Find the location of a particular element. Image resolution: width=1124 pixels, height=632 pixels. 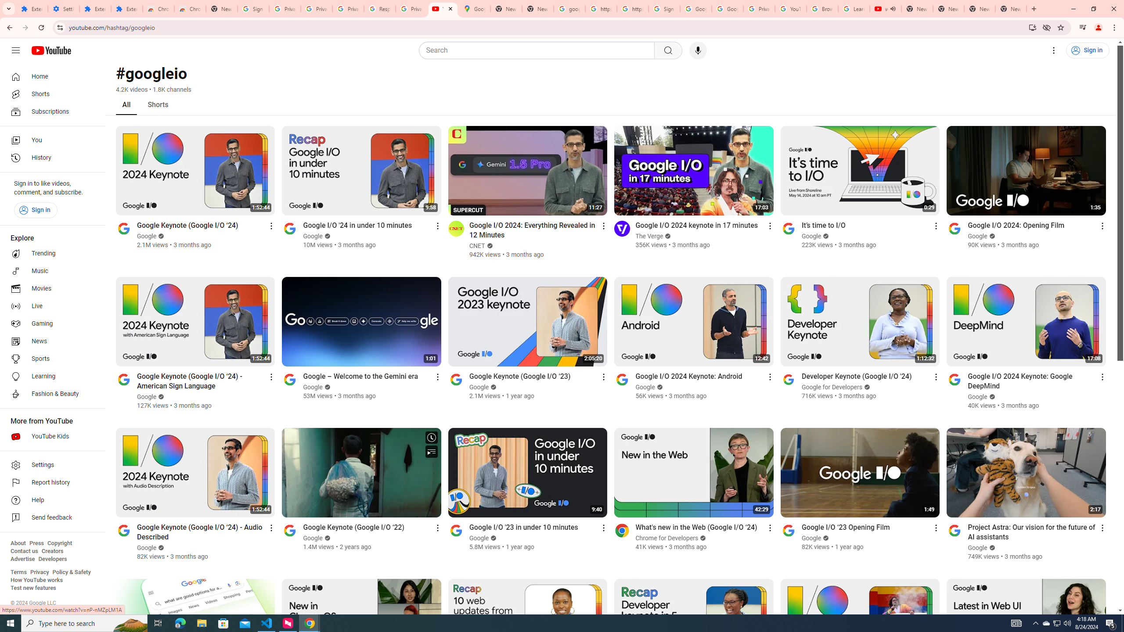

'News' is located at coordinates (50, 341).